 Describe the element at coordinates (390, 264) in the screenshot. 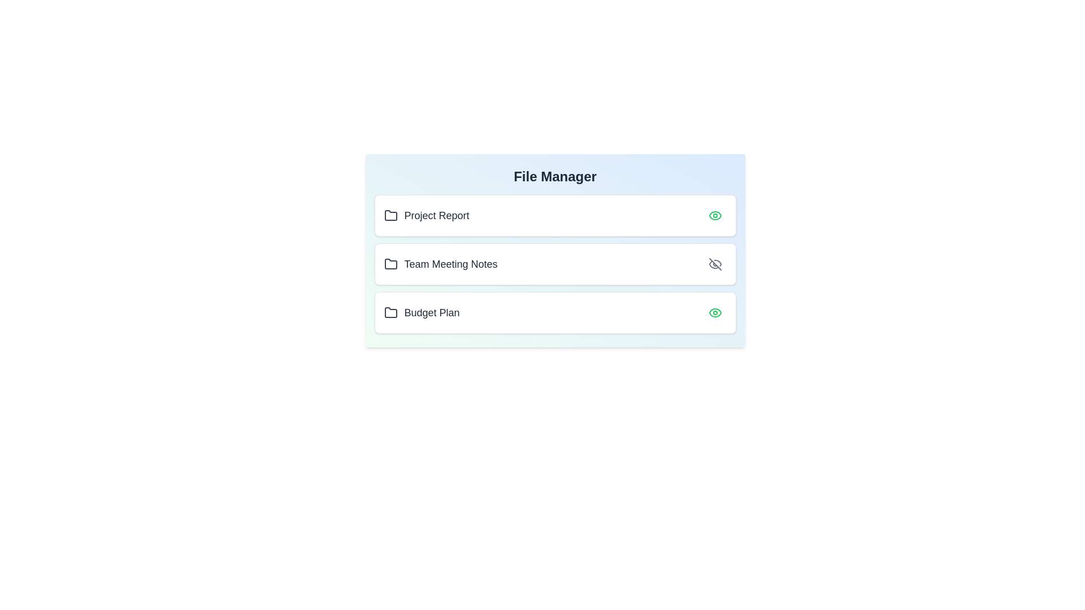

I see `the folder icon for Team Meeting Notes` at that location.